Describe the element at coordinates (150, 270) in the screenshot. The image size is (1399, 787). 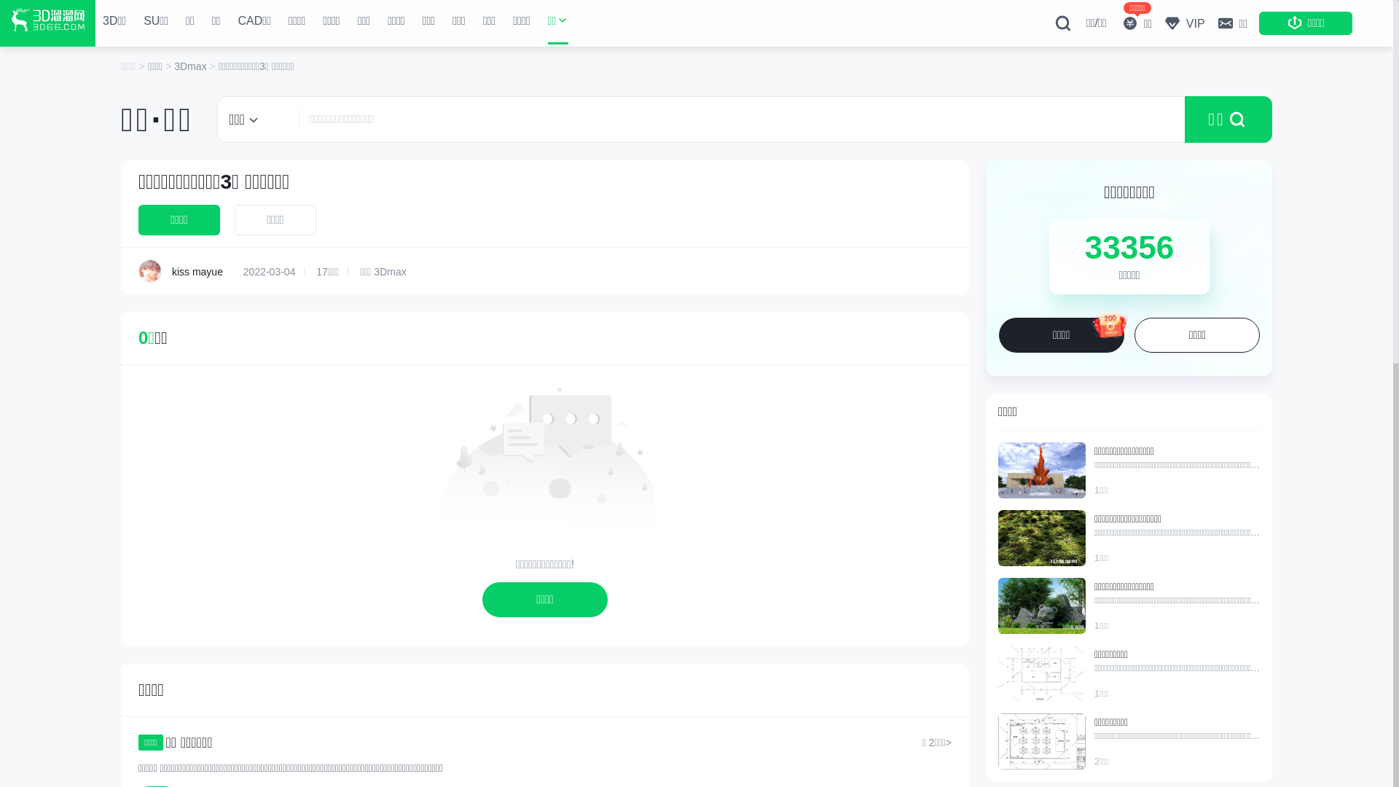
I see `'kiss mayue'` at that location.